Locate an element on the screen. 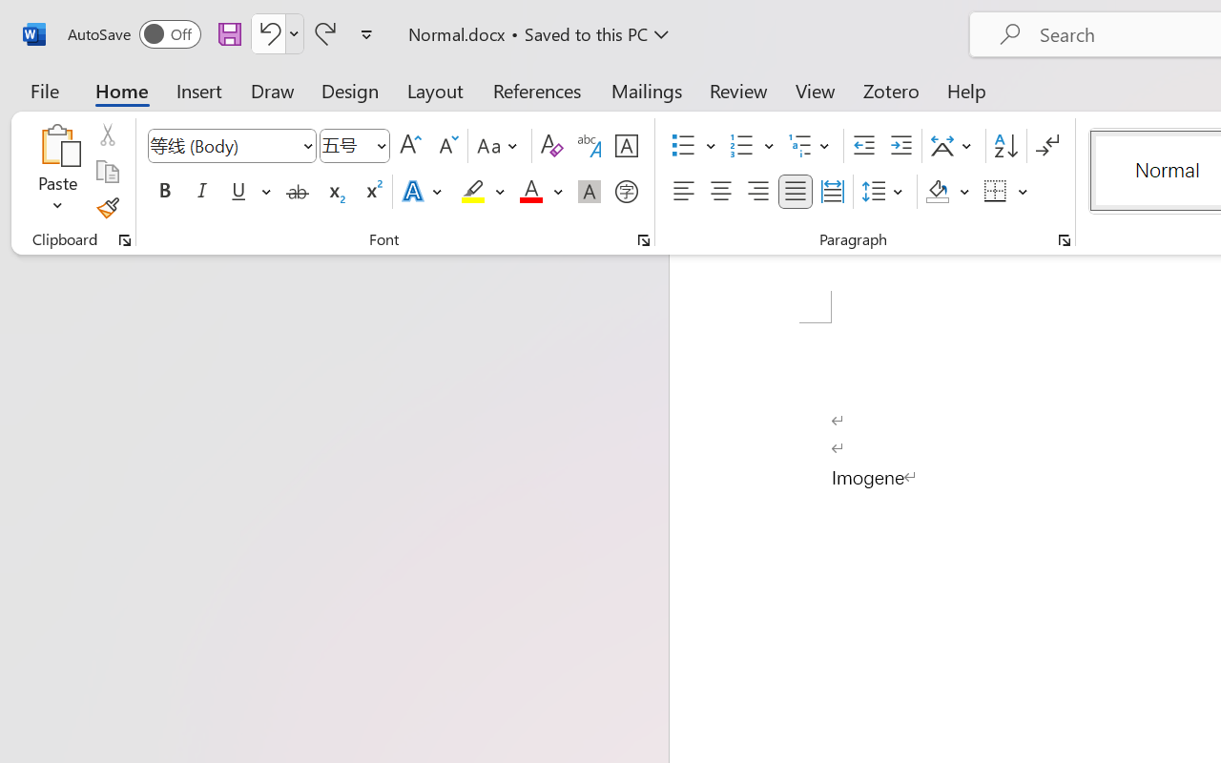 Image resolution: width=1221 pixels, height=763 pixels. 'Help' is located at coordinates (966, 90).